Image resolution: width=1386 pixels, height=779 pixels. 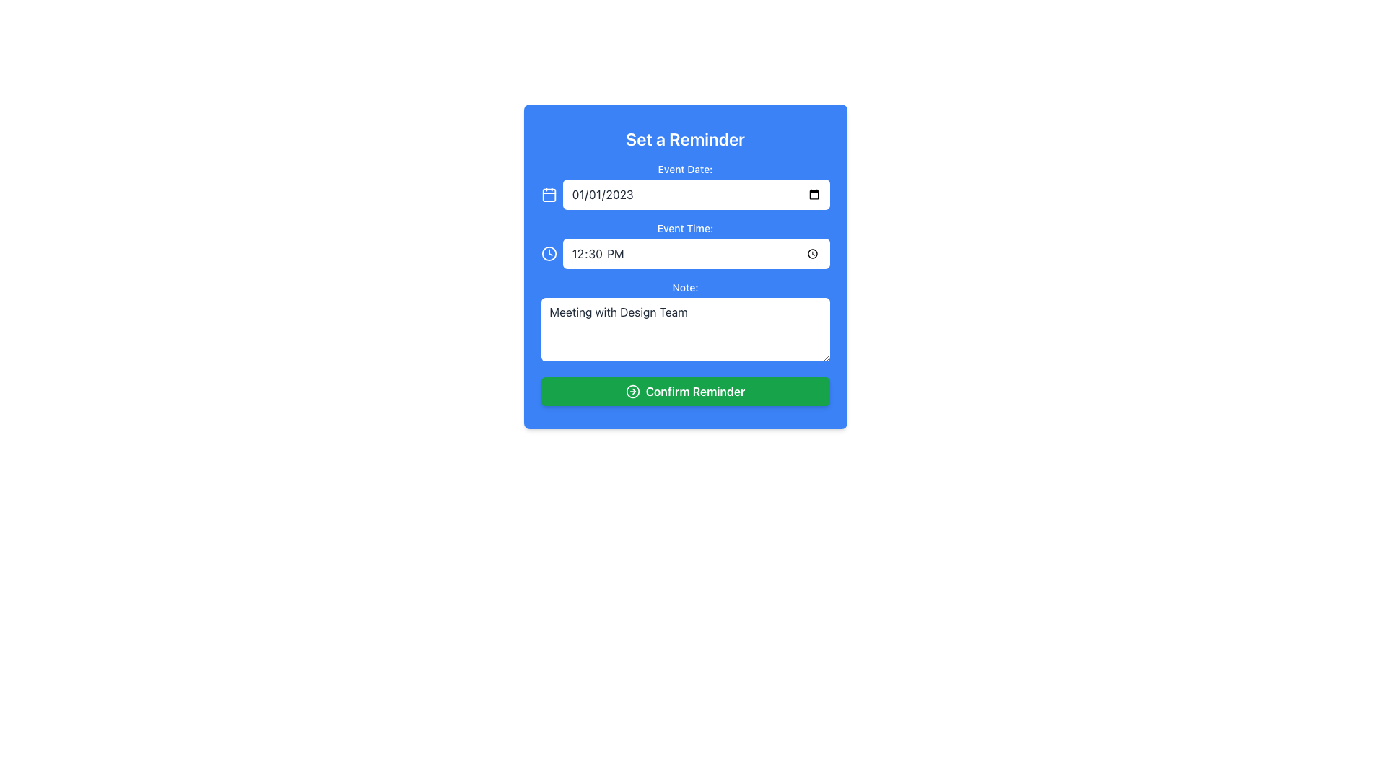 I want to click on the Decorative SVG shape that serves as the main body of the calendar icon, which is styled with a blue background and positioned to the left of the 'Event Date' input field, so click(x=548, y=195).